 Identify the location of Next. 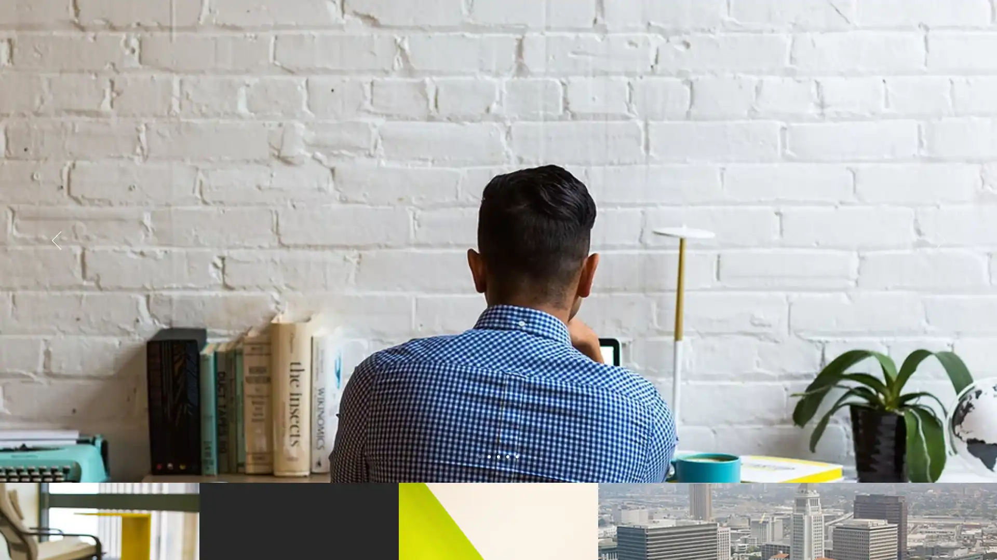
(940, 241).